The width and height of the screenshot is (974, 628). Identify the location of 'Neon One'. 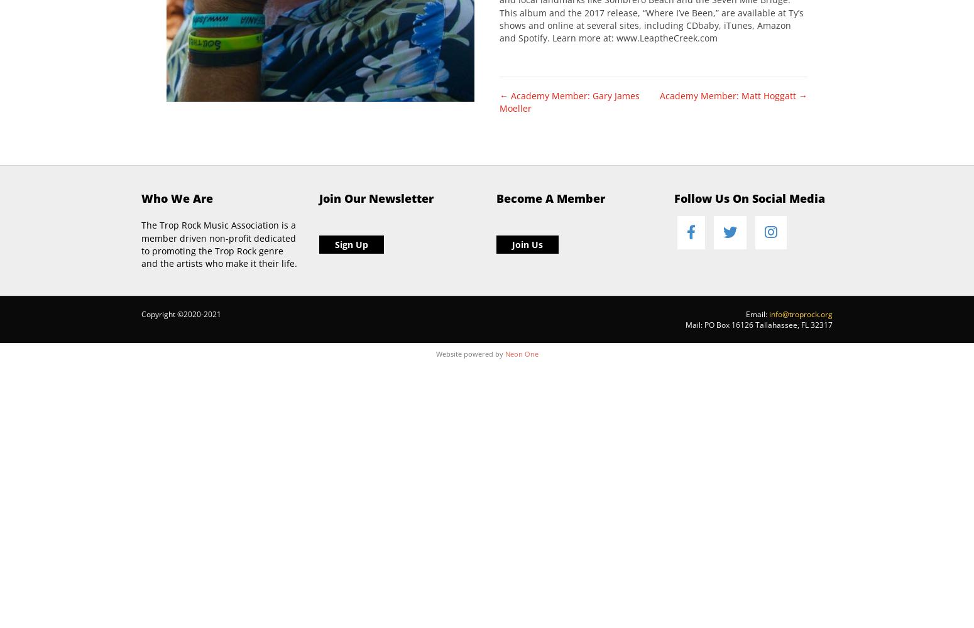
(504, 353).